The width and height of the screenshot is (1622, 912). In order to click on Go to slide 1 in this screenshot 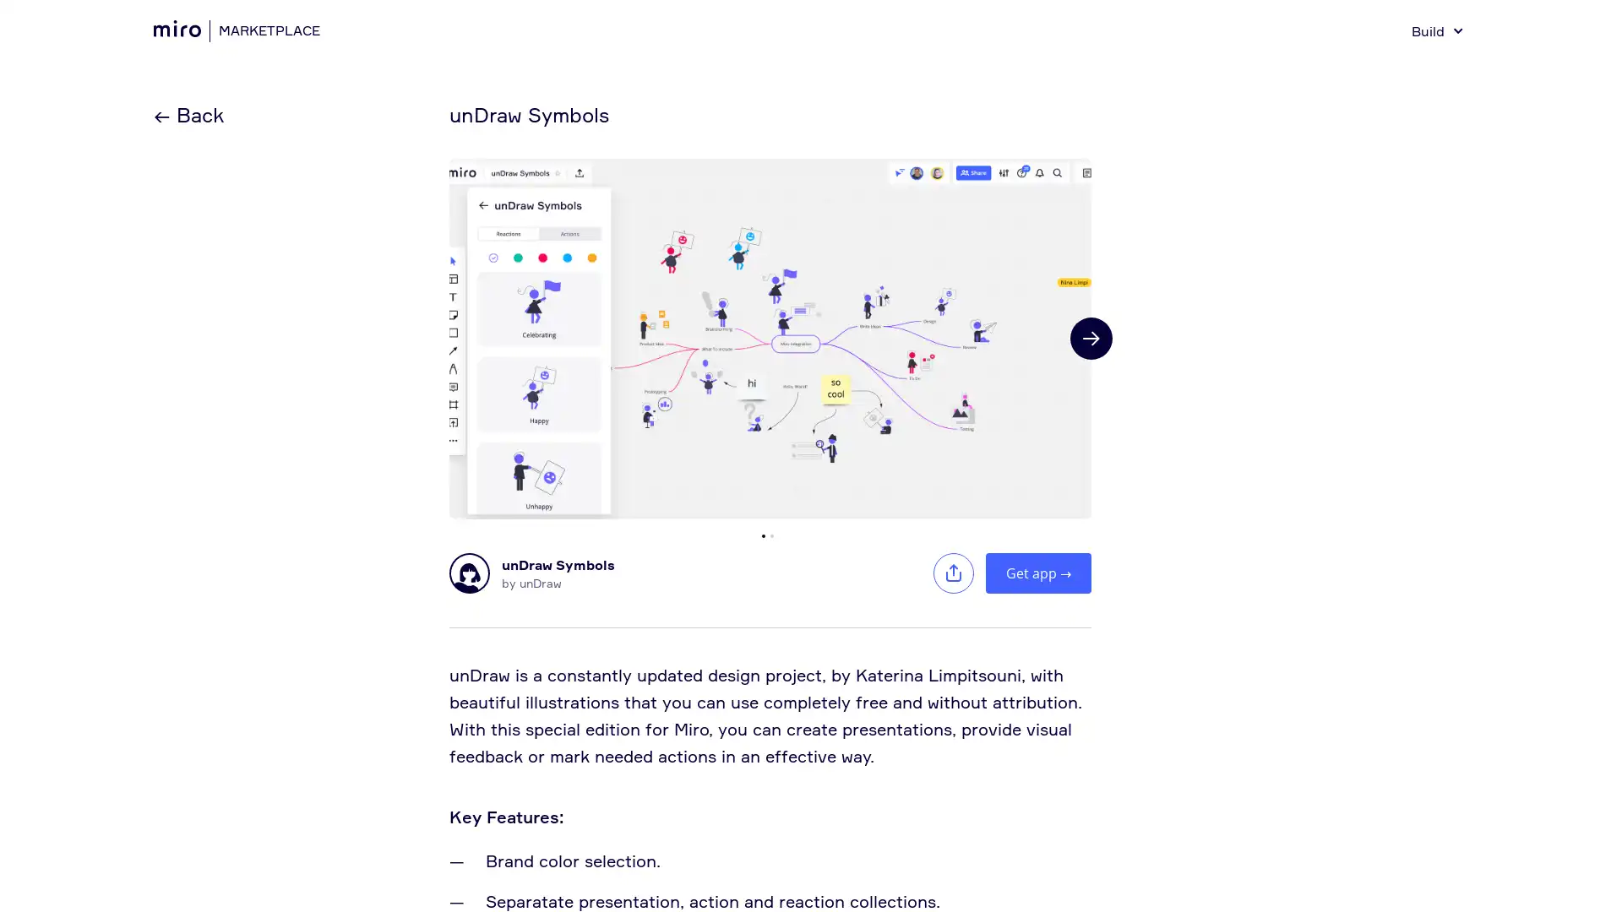, I will do `click(762, 535)`.